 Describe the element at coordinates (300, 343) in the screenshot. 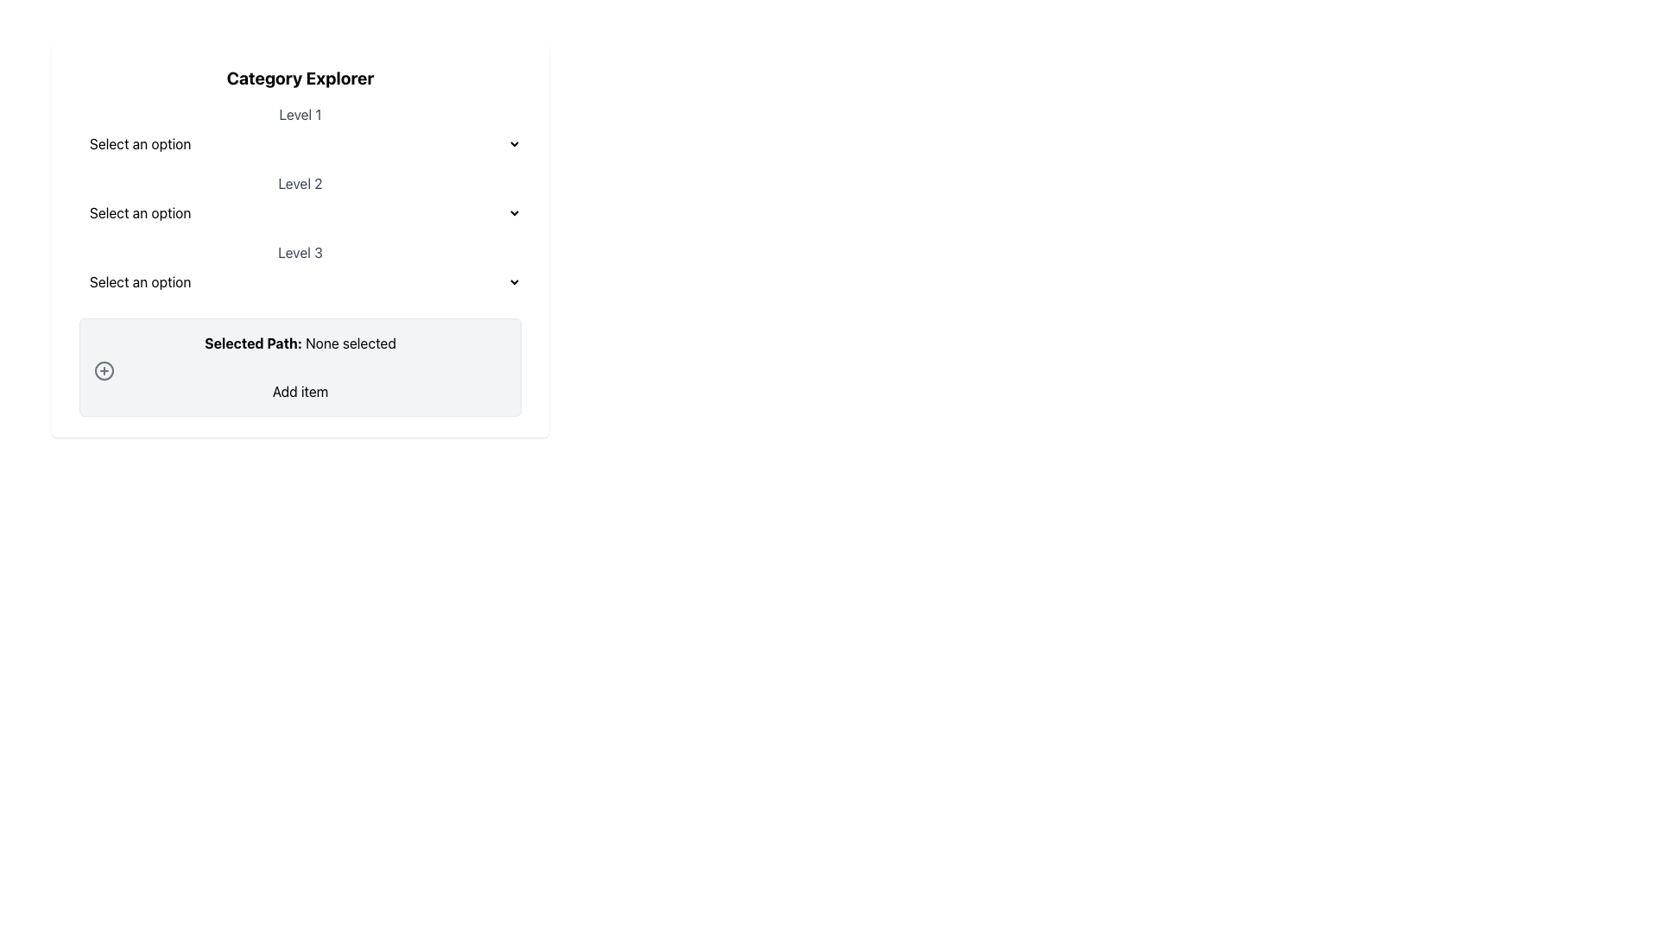

I see `the informational text display indicating the current selection status, which shows 'None selected'` at that location.